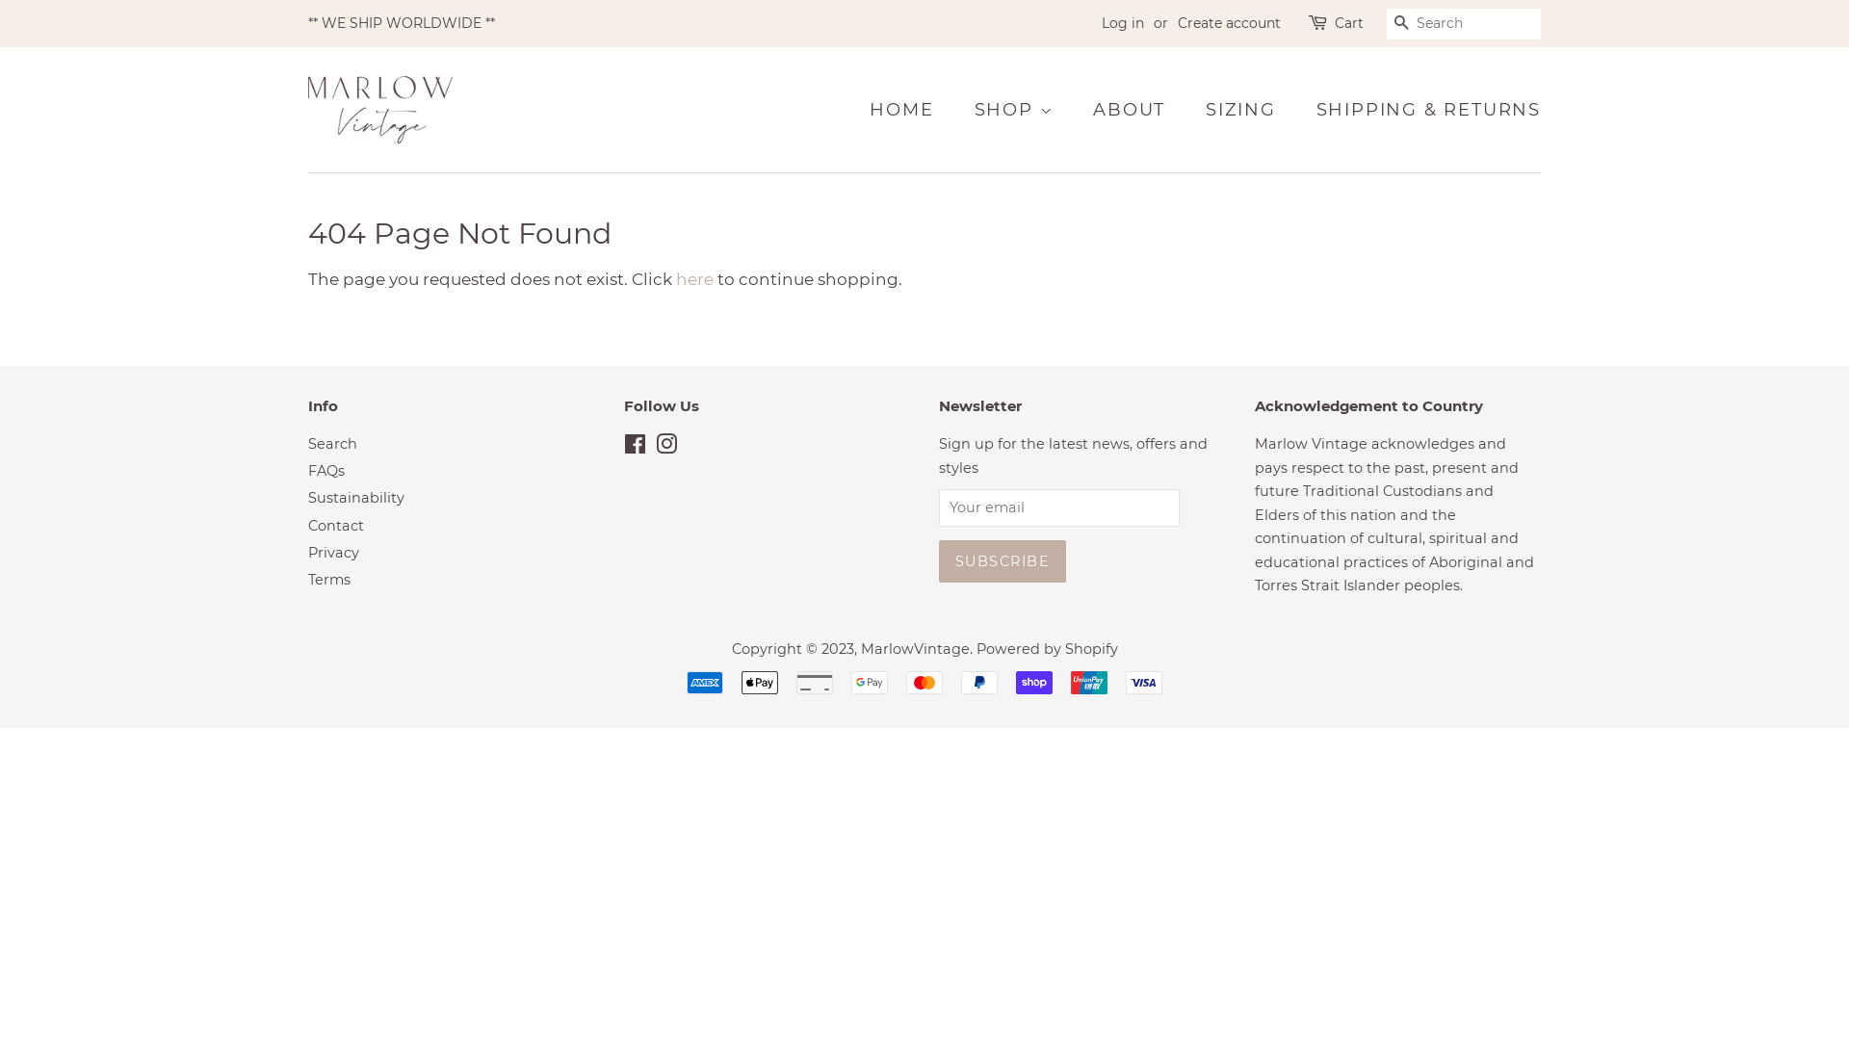 This screenshot has height=1040, width=1849. What do you see at coordinates (1002, 560) in the screenshot?
I see `'Subscribe'` at bounding box center [1002, 560].